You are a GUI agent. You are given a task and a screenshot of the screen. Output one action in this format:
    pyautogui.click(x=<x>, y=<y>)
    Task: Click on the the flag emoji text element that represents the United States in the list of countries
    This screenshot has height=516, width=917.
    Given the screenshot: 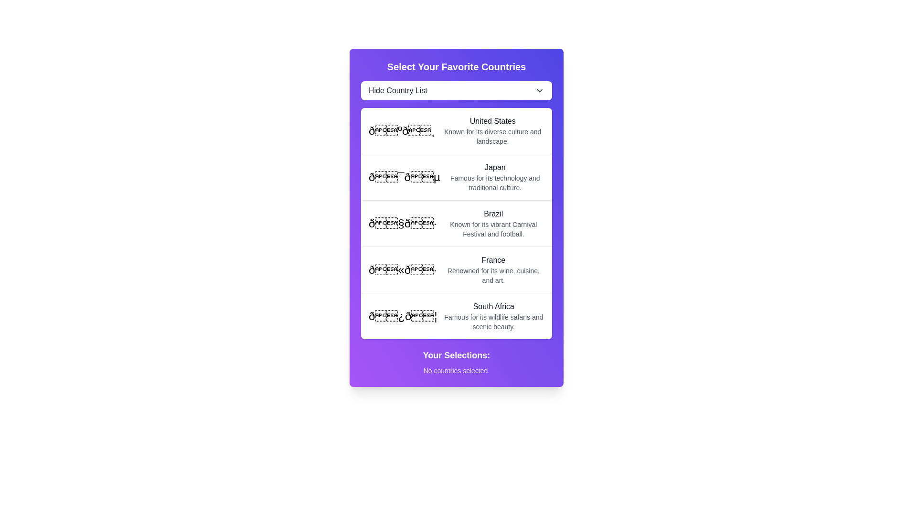 What is the action you would take?
    pyautogui.click(x=402, y=130)
    